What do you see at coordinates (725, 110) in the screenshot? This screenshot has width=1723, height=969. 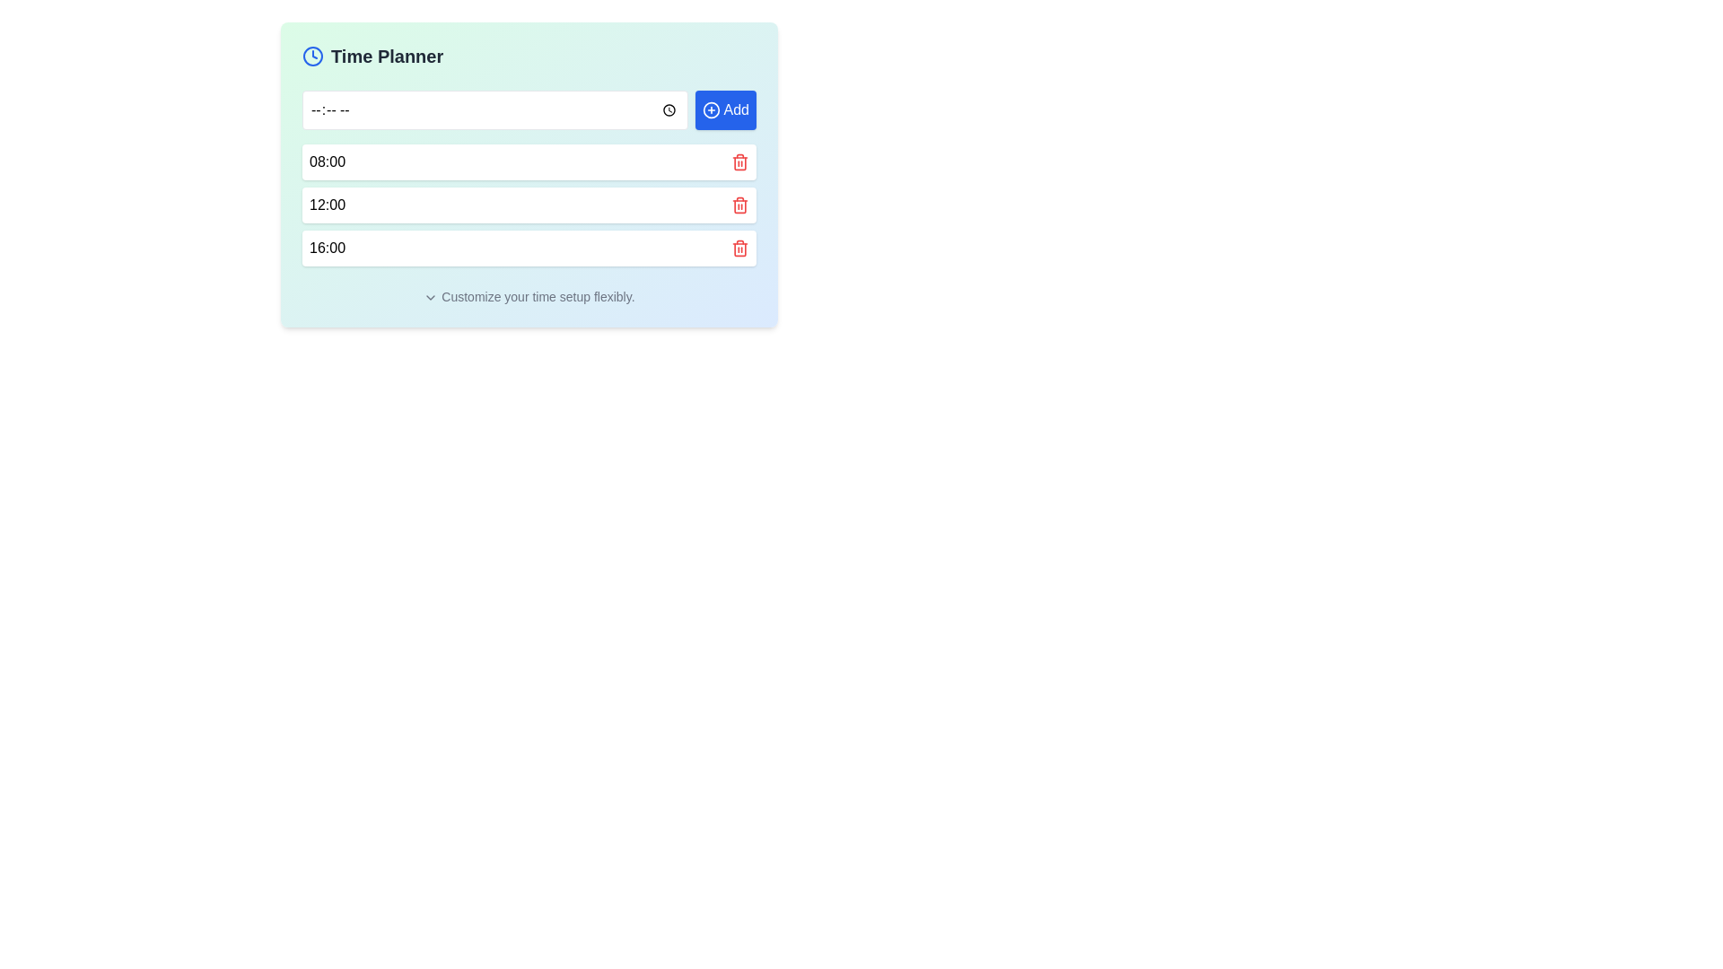 I see `the 'Add New Item' button located at the top right of the 'Time Planner' panel` at bounding box center [725, 110].